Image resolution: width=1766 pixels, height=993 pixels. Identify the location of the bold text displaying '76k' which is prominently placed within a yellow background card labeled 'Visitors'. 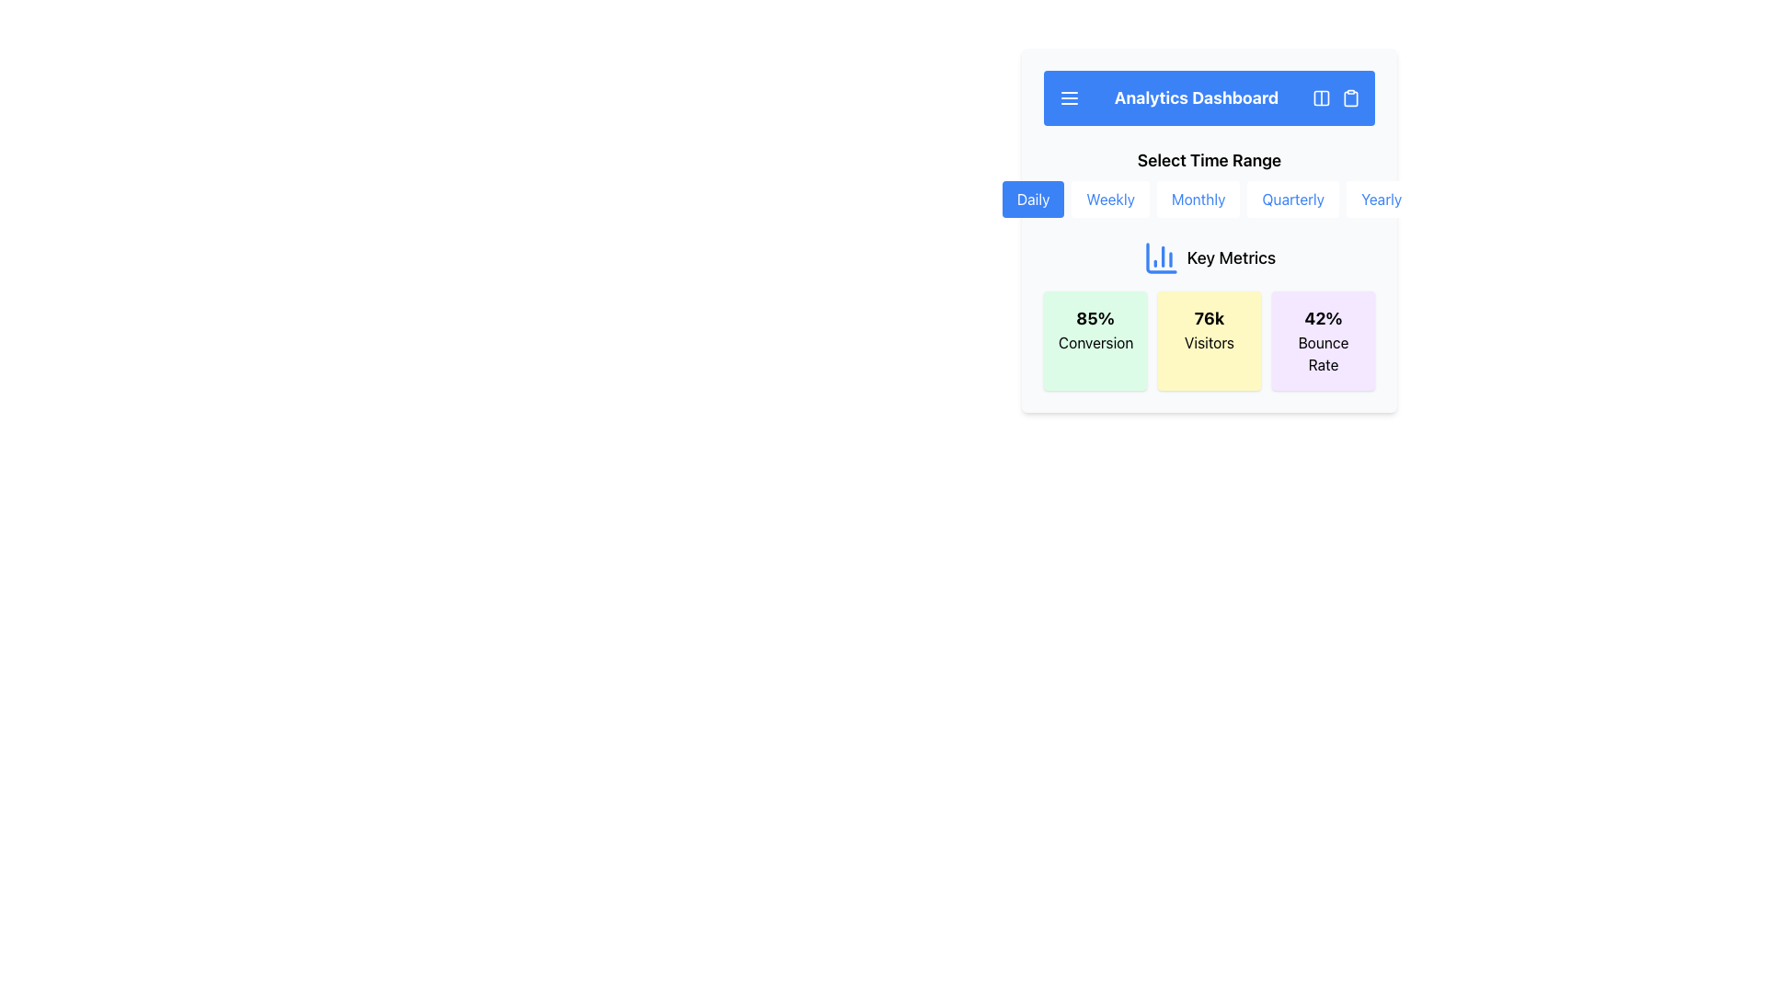
(1210, 318).